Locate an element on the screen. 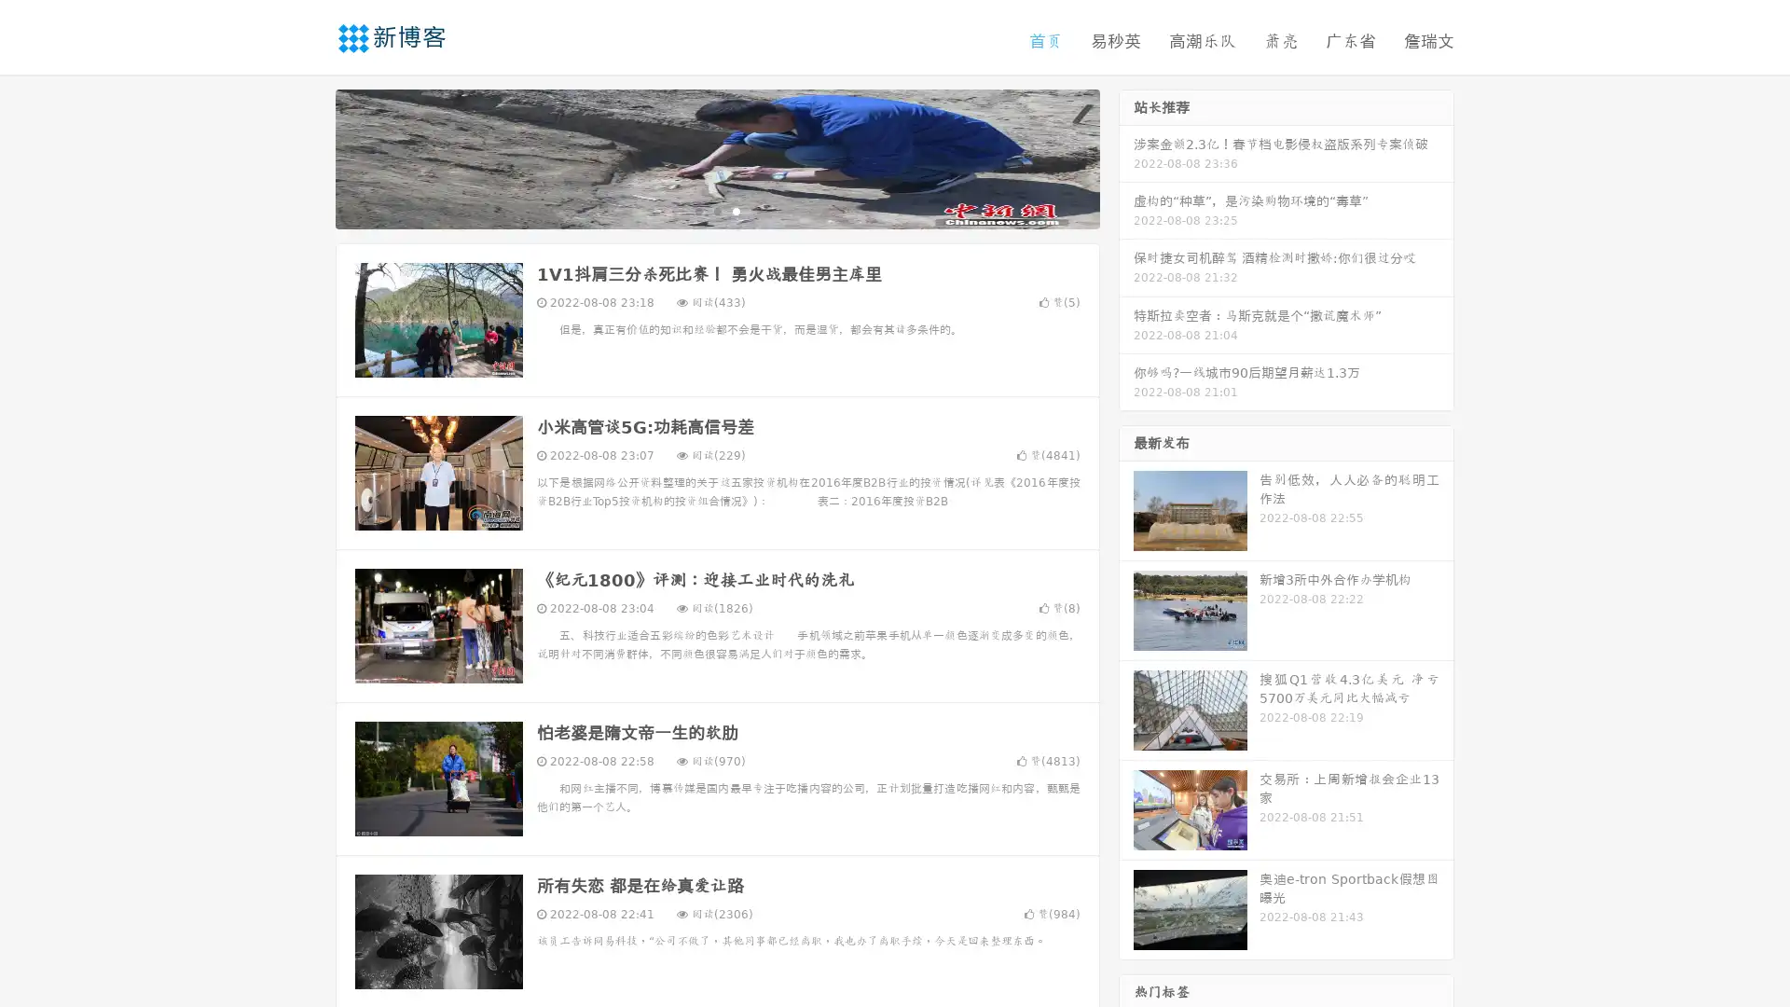  Go to slide 2 is located at coordinates (716, 210).